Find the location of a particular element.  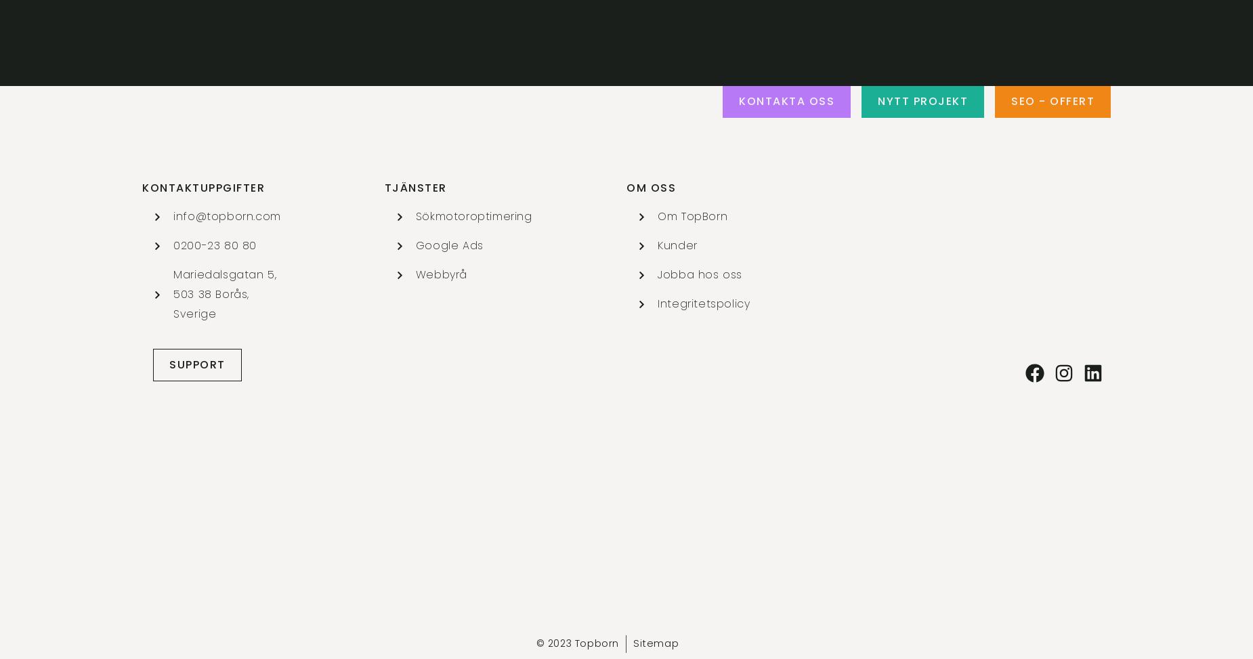

'Om TopBorn' is located at coordinates (692, 216).